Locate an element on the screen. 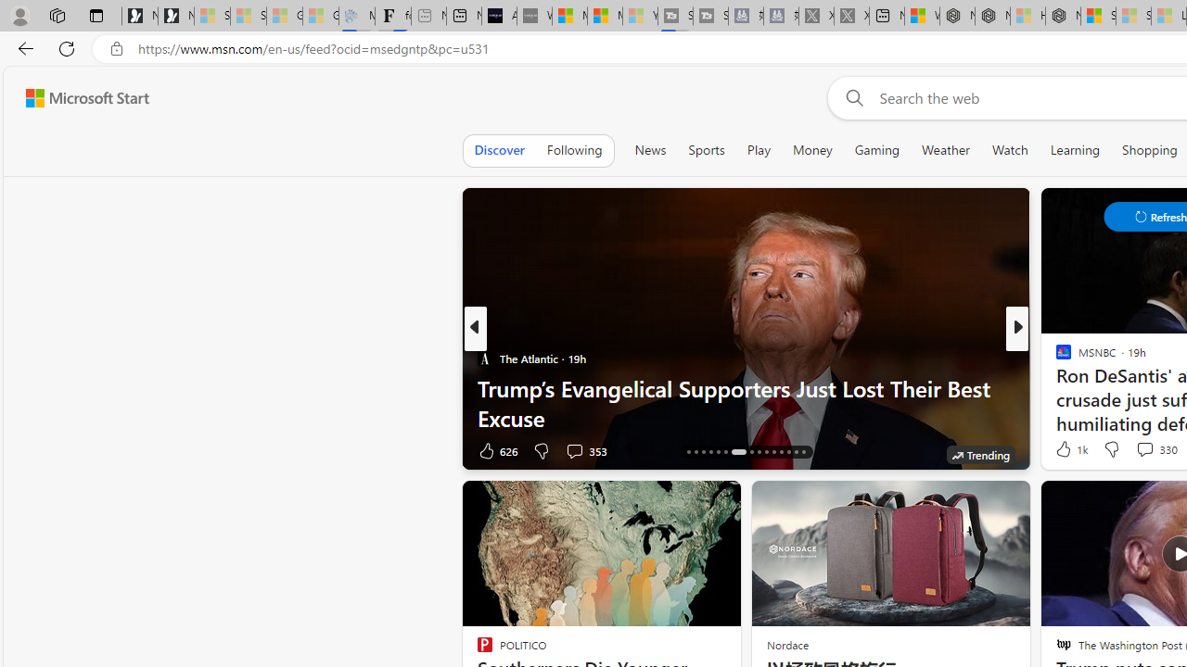  'Skip to content' is located at coordinates (80, 97).